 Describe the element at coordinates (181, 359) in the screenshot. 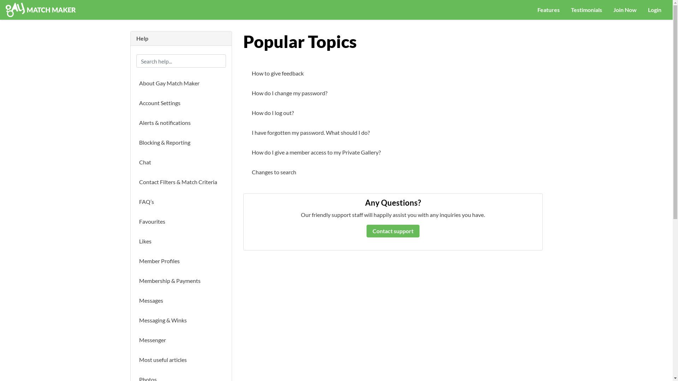

I see `'Most useful articles'` at that location.